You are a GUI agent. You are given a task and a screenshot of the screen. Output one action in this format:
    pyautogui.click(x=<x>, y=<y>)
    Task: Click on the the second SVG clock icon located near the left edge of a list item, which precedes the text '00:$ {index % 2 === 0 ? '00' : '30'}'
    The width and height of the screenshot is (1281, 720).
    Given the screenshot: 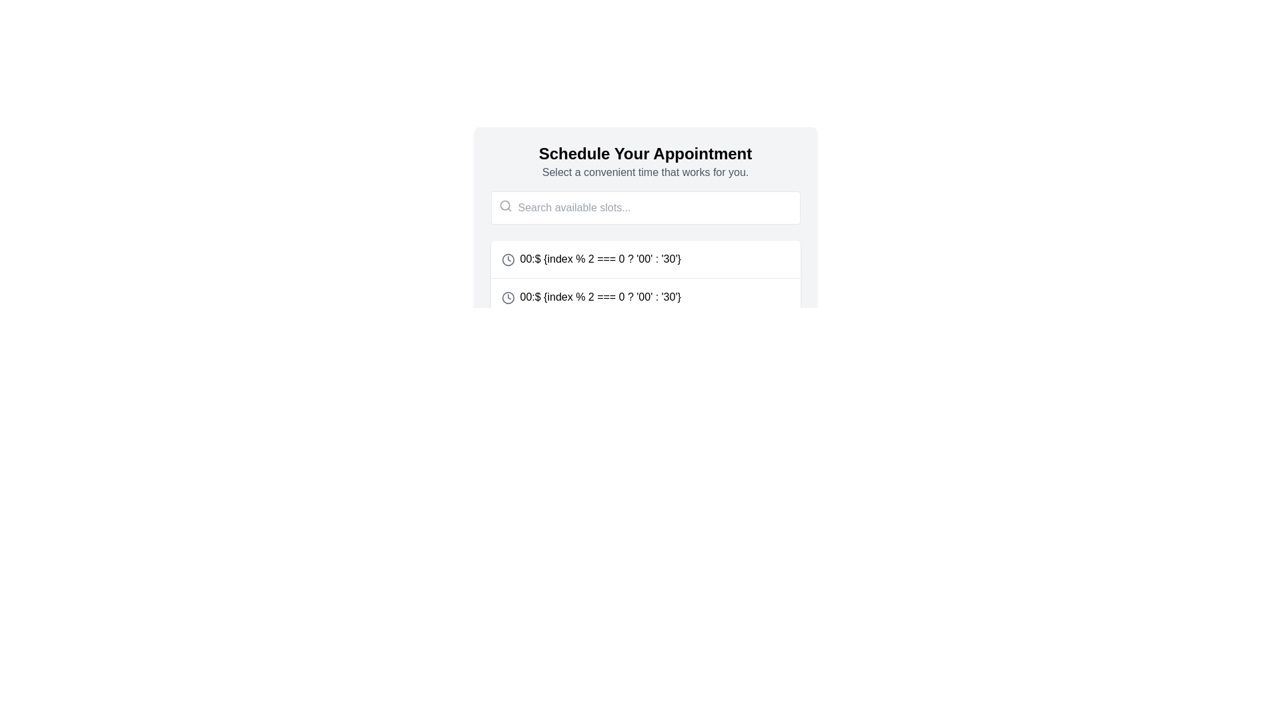 What is the action you would take?
    pyautogui.click(x=507, y=297)
    